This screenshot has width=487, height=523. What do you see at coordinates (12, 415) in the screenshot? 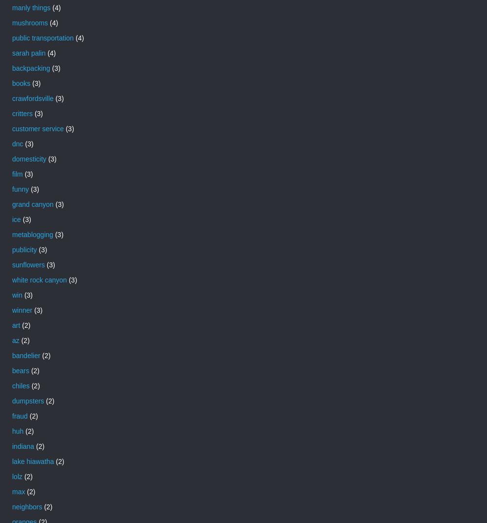
I see `'fraud'` at bounding box center [12, 415].